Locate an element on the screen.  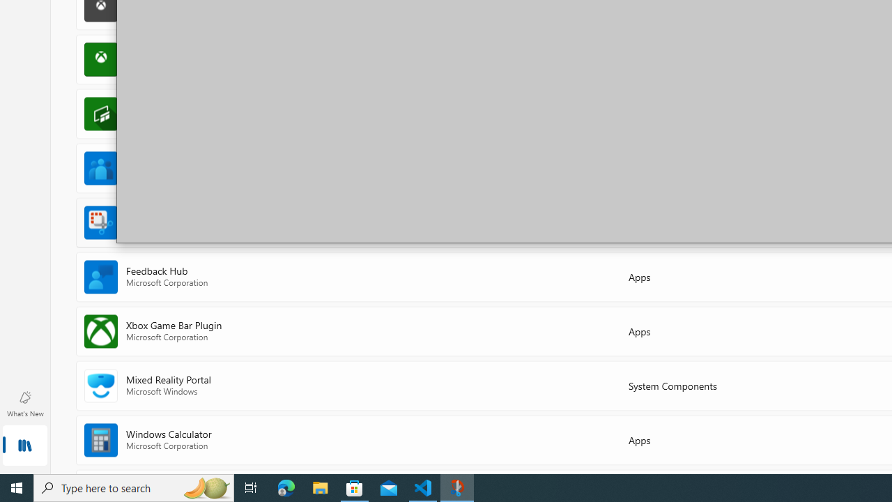
'What' is located at coordinates (24, 403).